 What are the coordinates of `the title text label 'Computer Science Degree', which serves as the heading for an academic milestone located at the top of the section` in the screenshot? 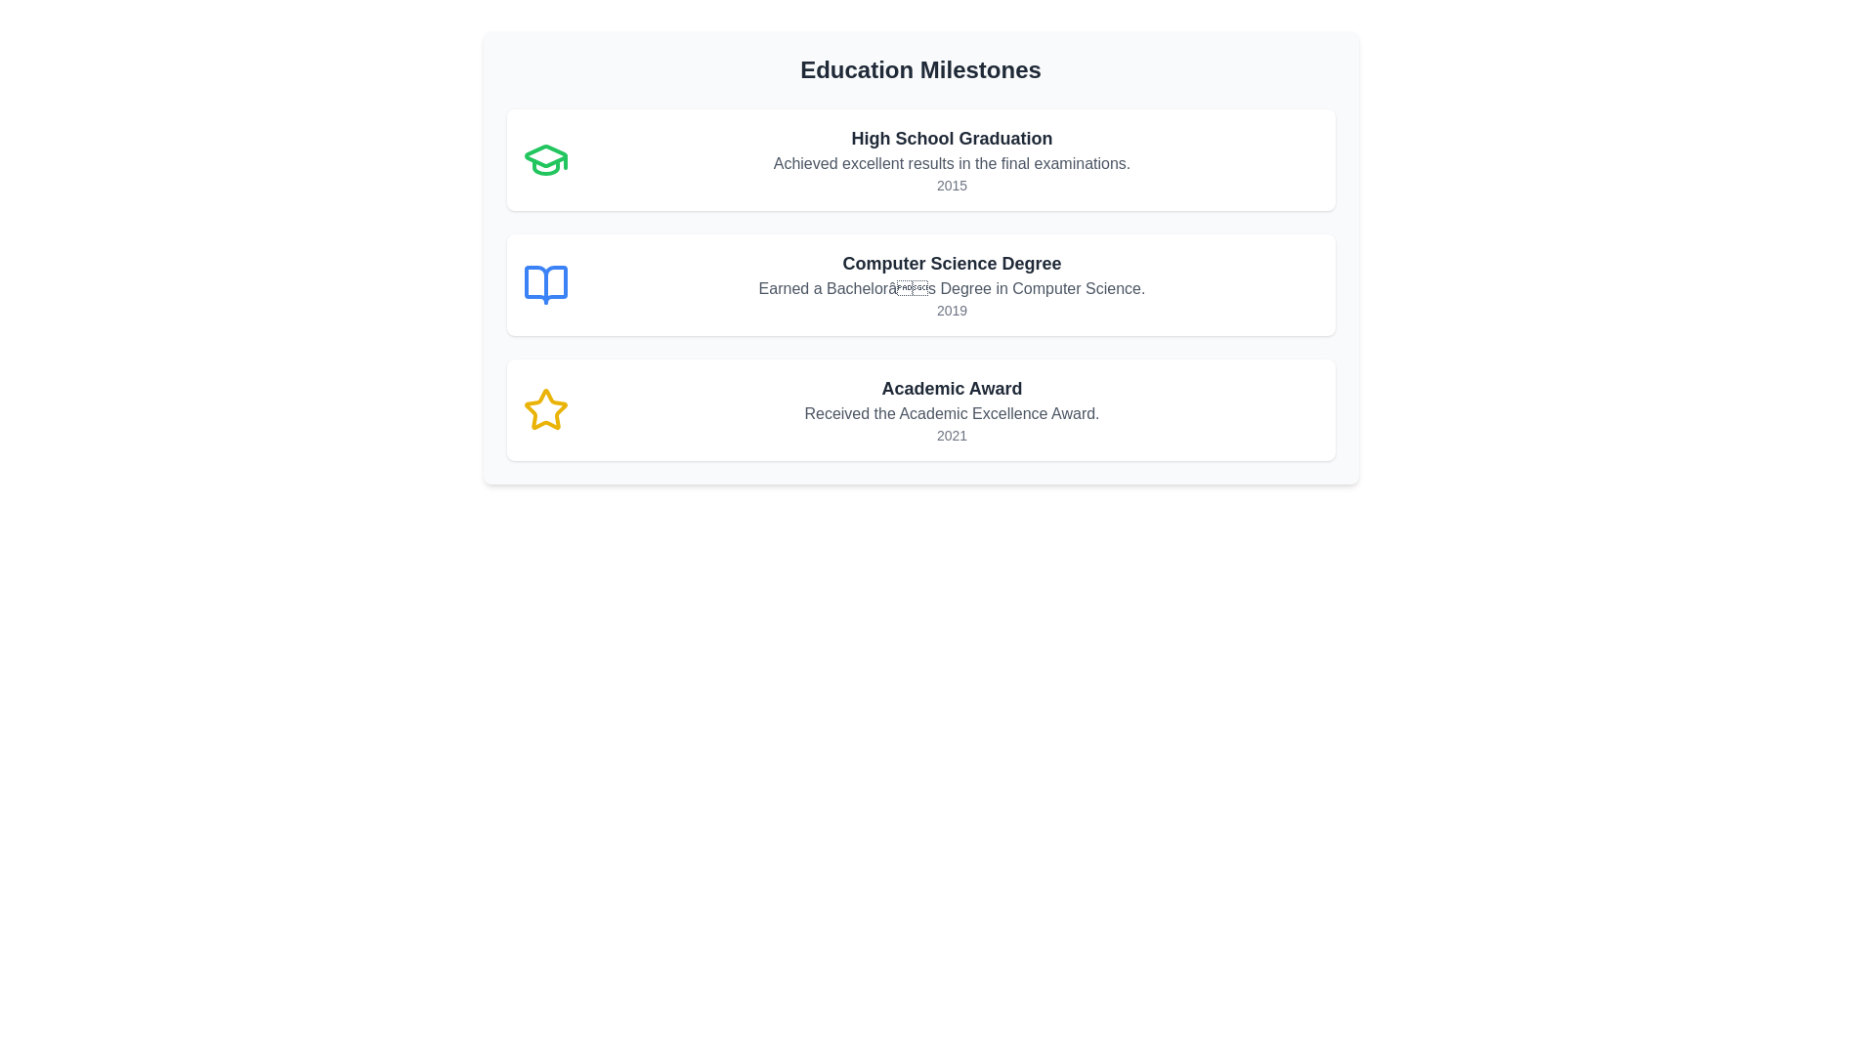 It's located at (952, 264).